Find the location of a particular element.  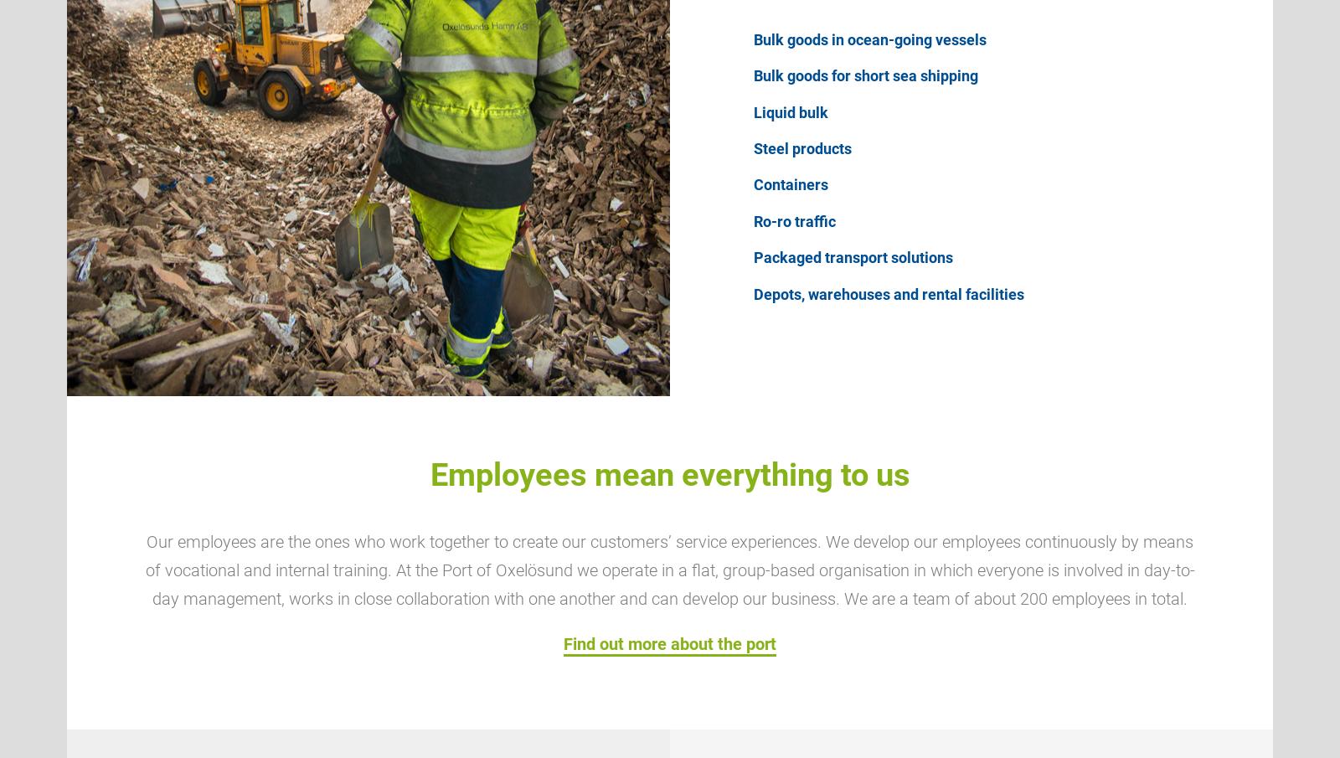

'Depots, warehouses and rental facilities' is located at coordinates (889, 292).